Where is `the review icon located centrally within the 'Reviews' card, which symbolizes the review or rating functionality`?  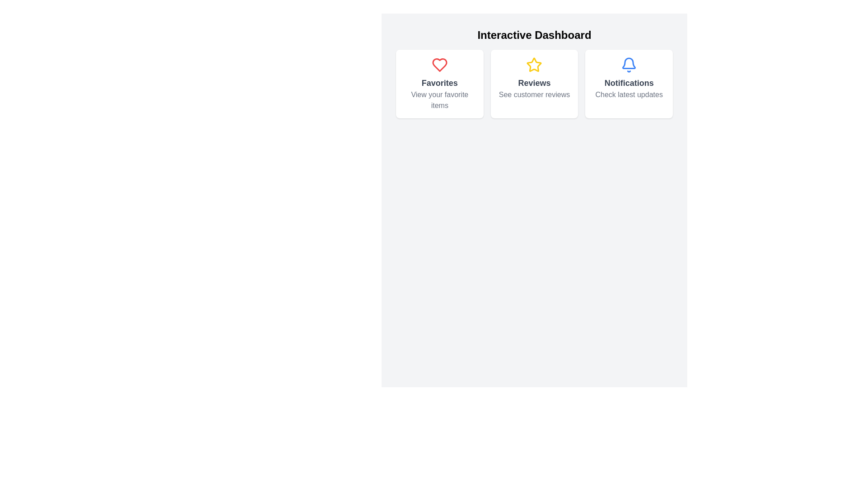
the review icon located centrally within the 'Reviews' card, which symbolizes the review or rating functionality is located at coordinates (534, 64).